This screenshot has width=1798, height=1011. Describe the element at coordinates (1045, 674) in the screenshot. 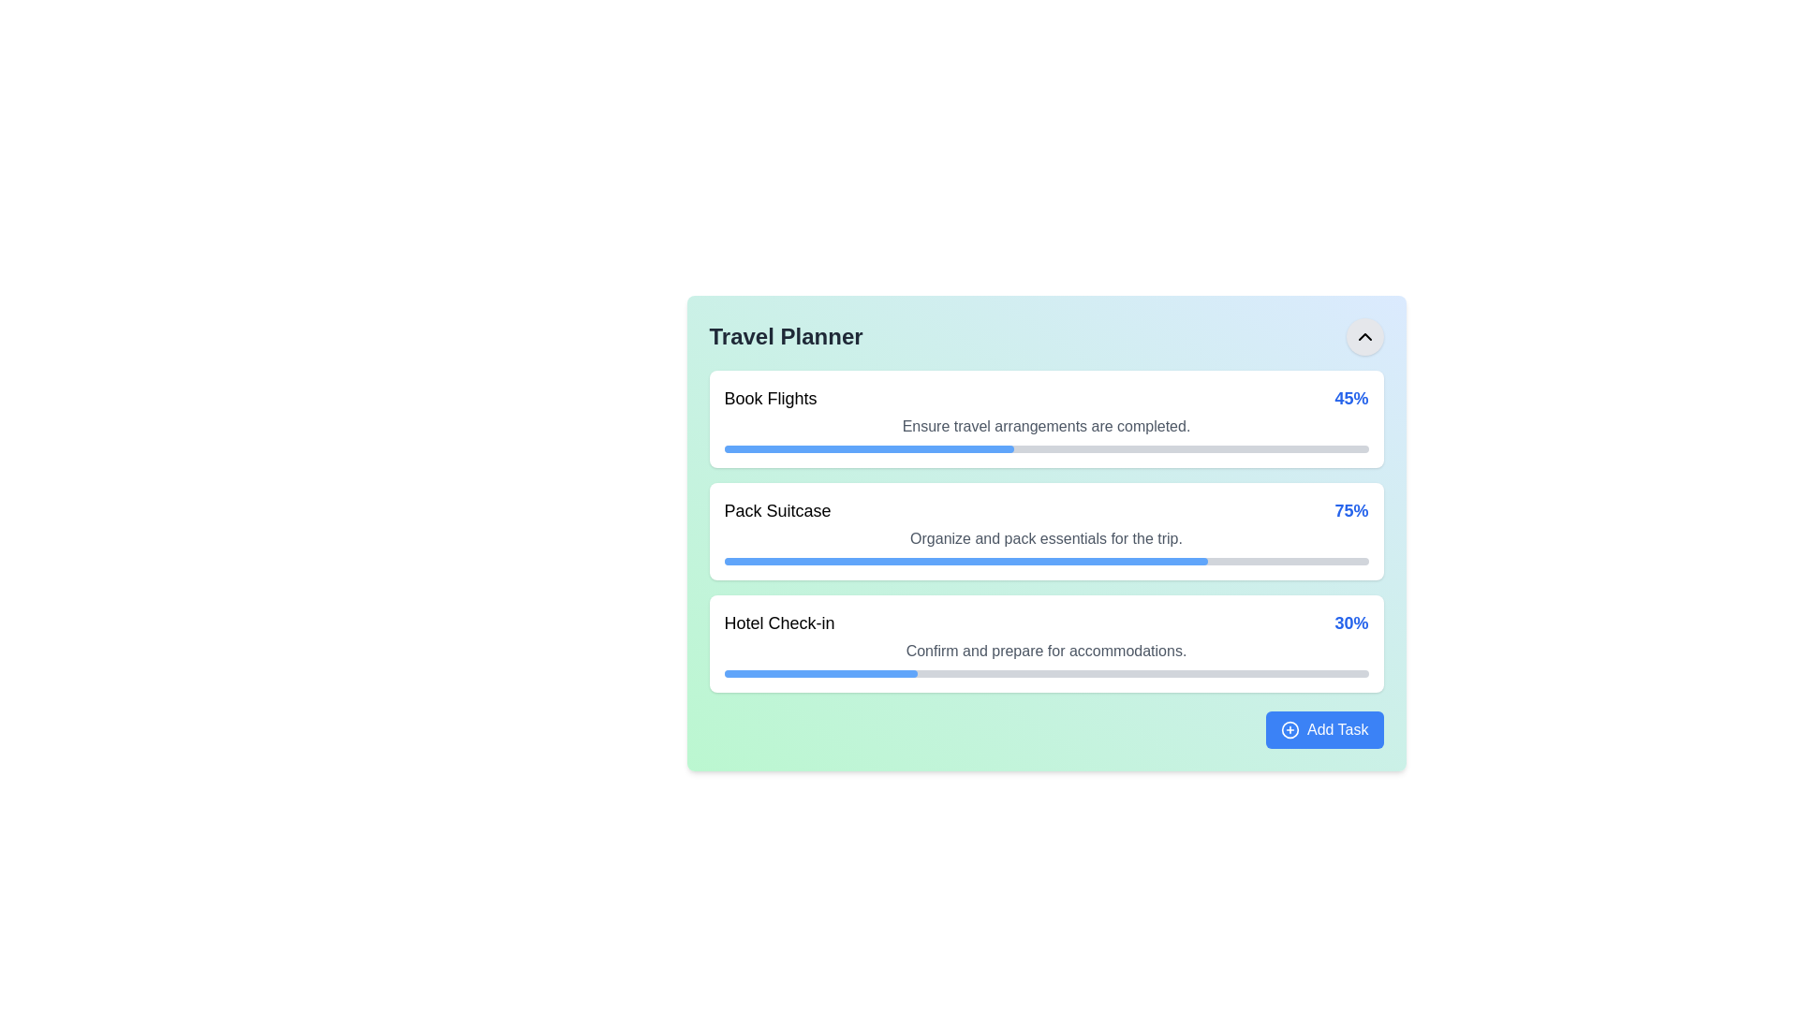

I see `the progress bar located at the bottom of the 'Hotel Check-in' card, which visually represents that 30% of the task is complete` at that location.